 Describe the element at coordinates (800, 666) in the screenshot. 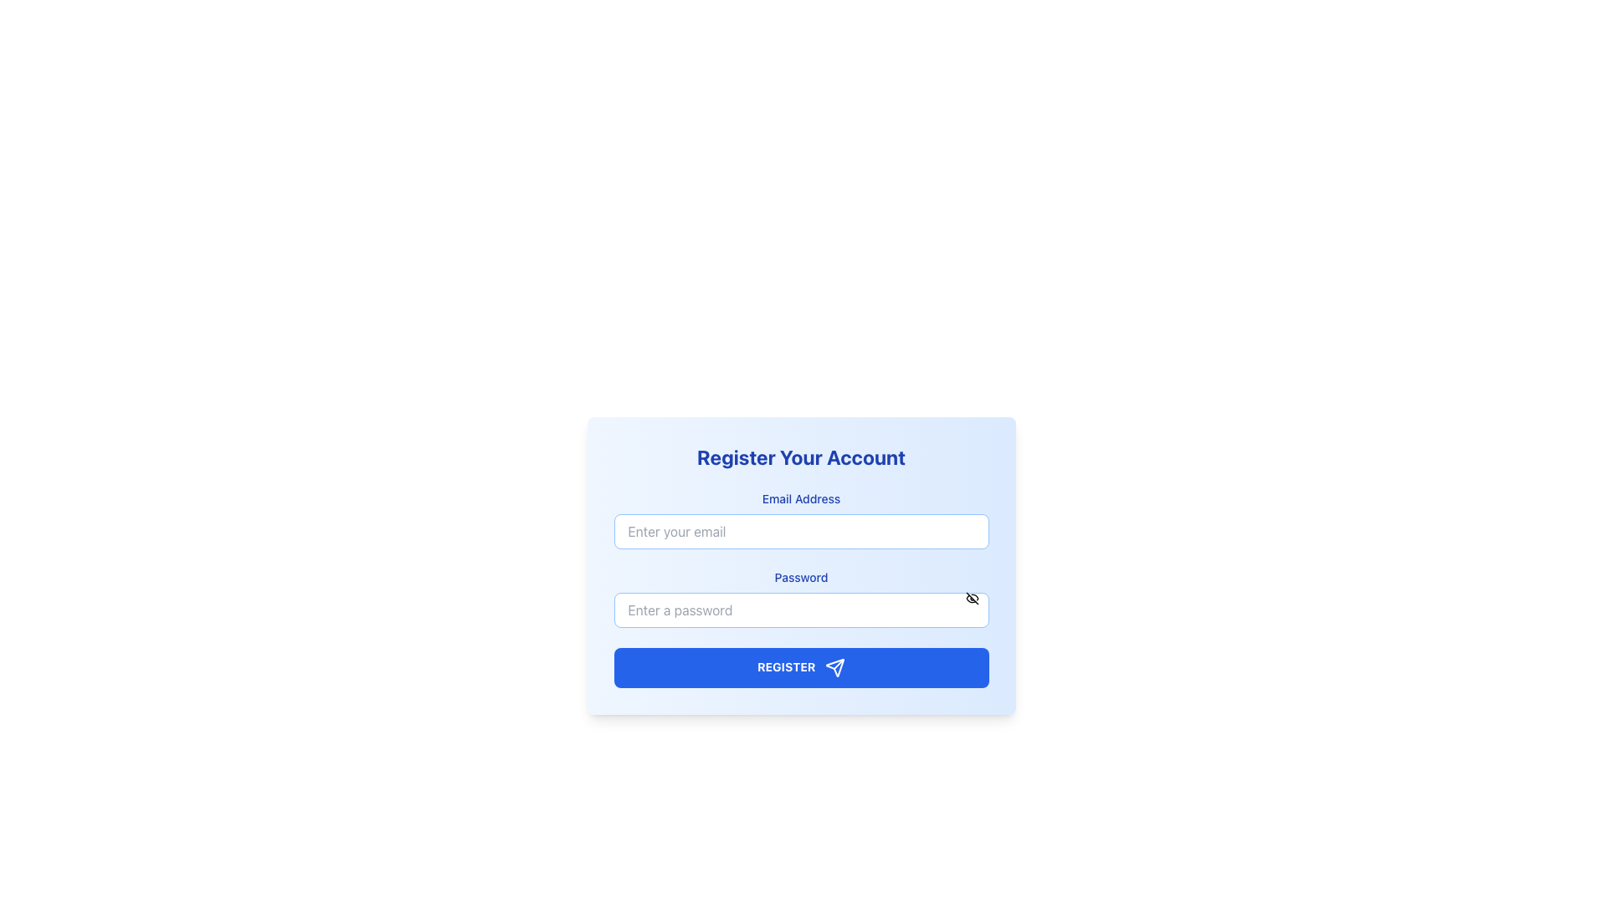

I see `the submit button located at the bottom of the registration form to observe its hover effects` at that location.